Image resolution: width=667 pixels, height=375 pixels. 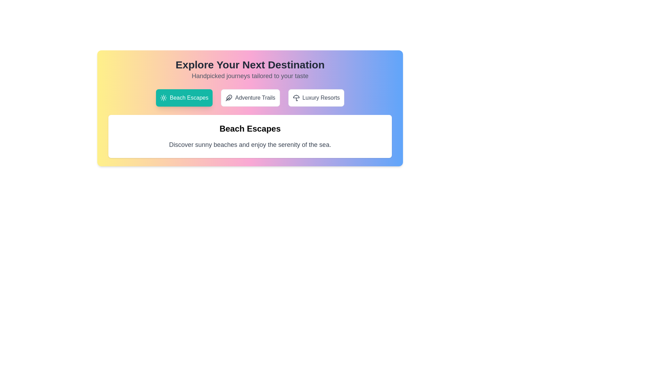 What do you see at coordinates (250, 98) in the screenshot?
I see `the tab corresponding to Adventure Trails to view its content` at bounding box center [250, 98].